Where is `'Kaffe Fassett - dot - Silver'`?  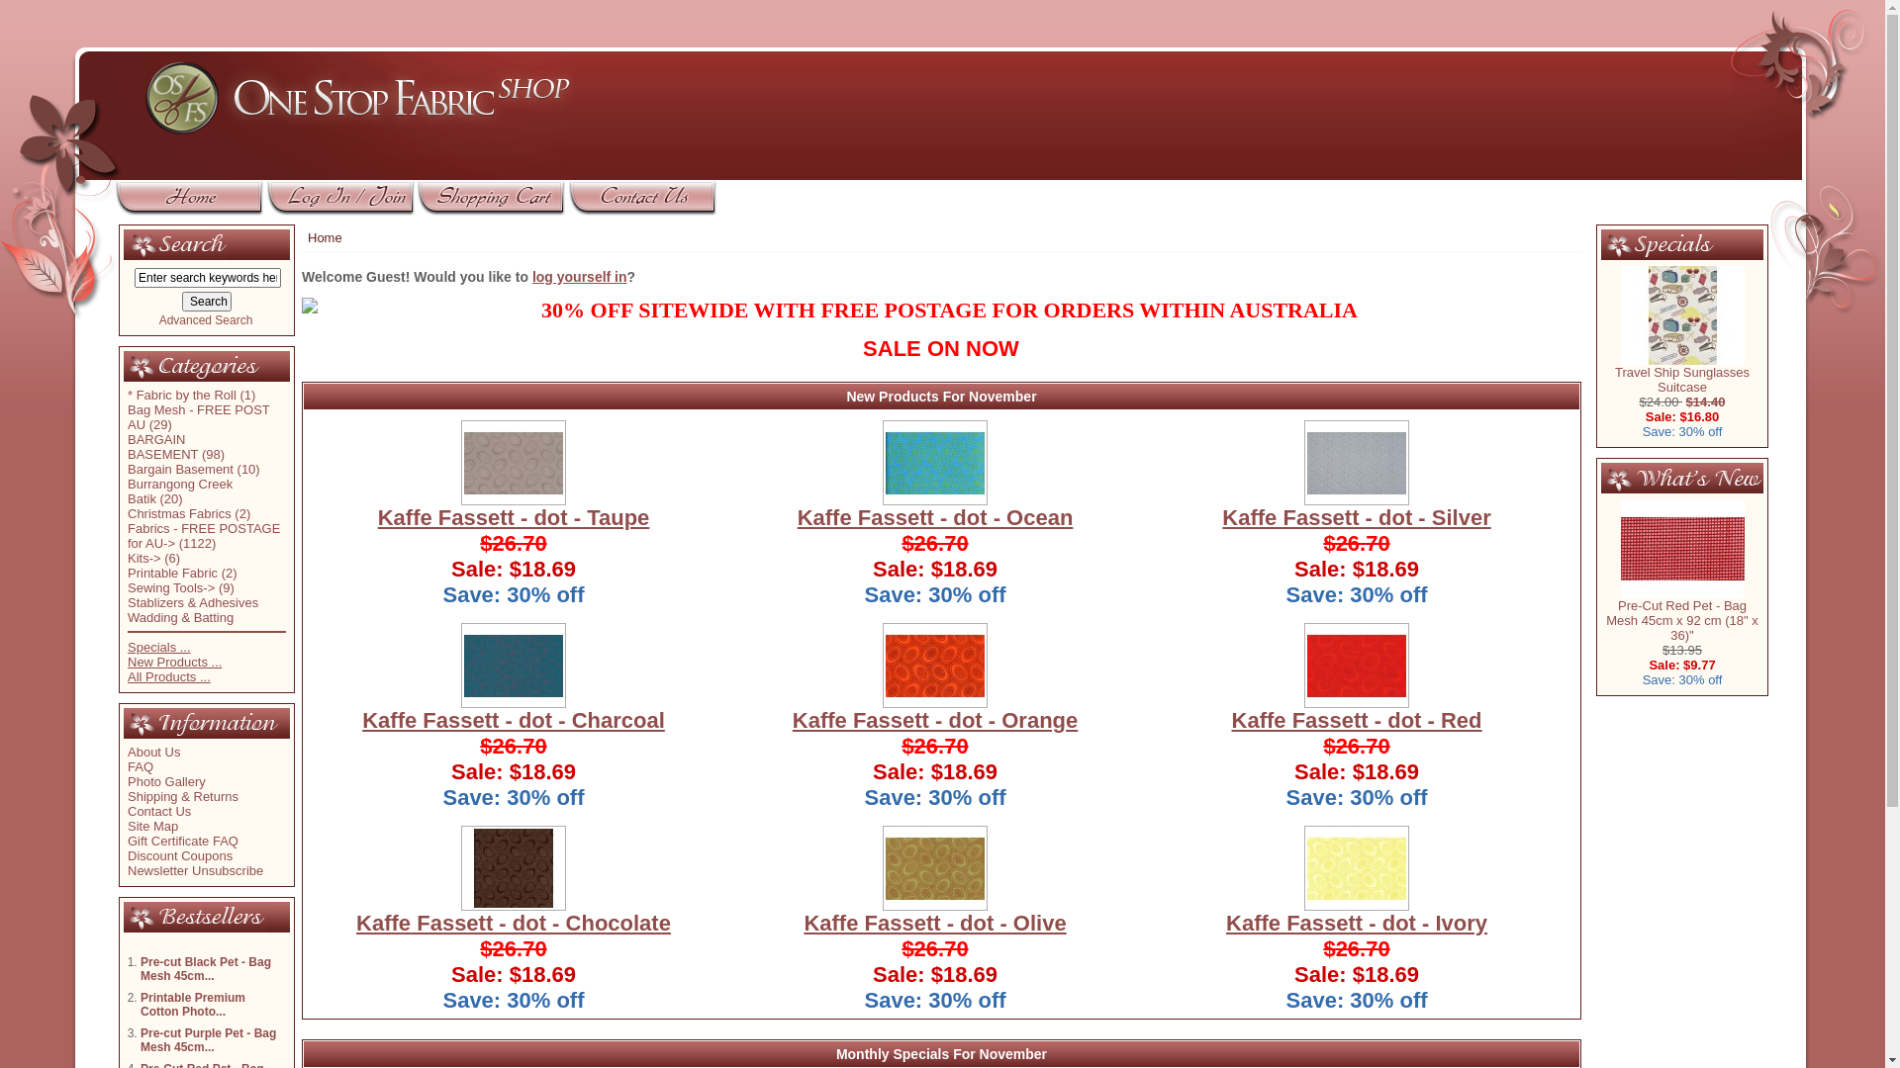 'Kaffe Fassett - dot - Silver' is located at coordinates (1355, 516).